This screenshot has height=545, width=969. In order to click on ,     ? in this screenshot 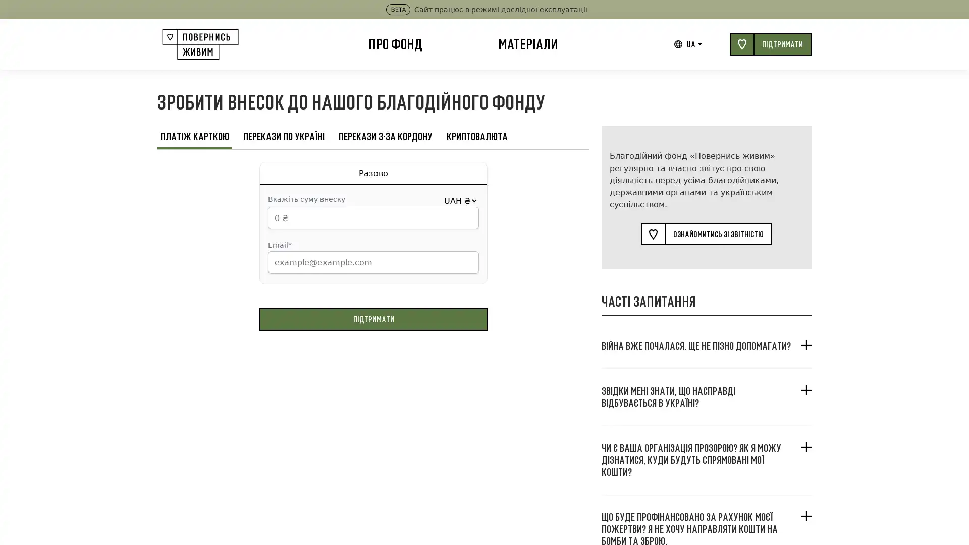, I will do `click(706, 396)`.